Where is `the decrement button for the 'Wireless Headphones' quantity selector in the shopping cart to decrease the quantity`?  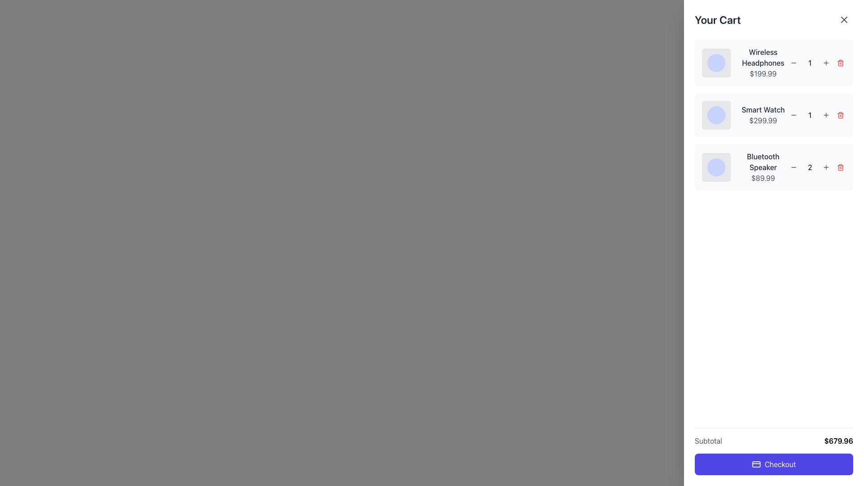 the decrement button for the 'Wireless Headphones' quantity selector in the shopping cart to decrease the quantity is located at coordinates (793, 62).